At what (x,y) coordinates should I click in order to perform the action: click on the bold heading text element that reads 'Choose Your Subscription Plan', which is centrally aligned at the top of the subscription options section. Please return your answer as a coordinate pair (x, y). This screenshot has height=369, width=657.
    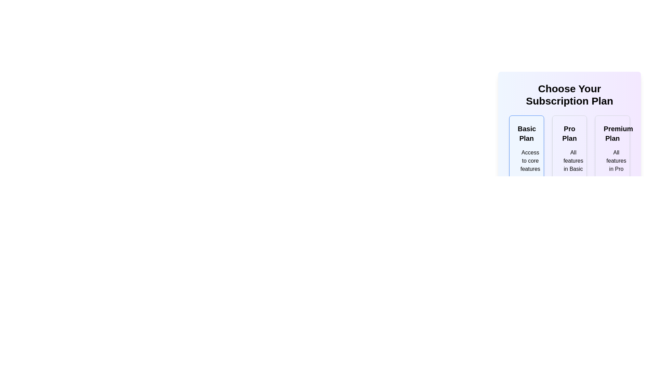
    Looking at the image, I should click on (569, 95).